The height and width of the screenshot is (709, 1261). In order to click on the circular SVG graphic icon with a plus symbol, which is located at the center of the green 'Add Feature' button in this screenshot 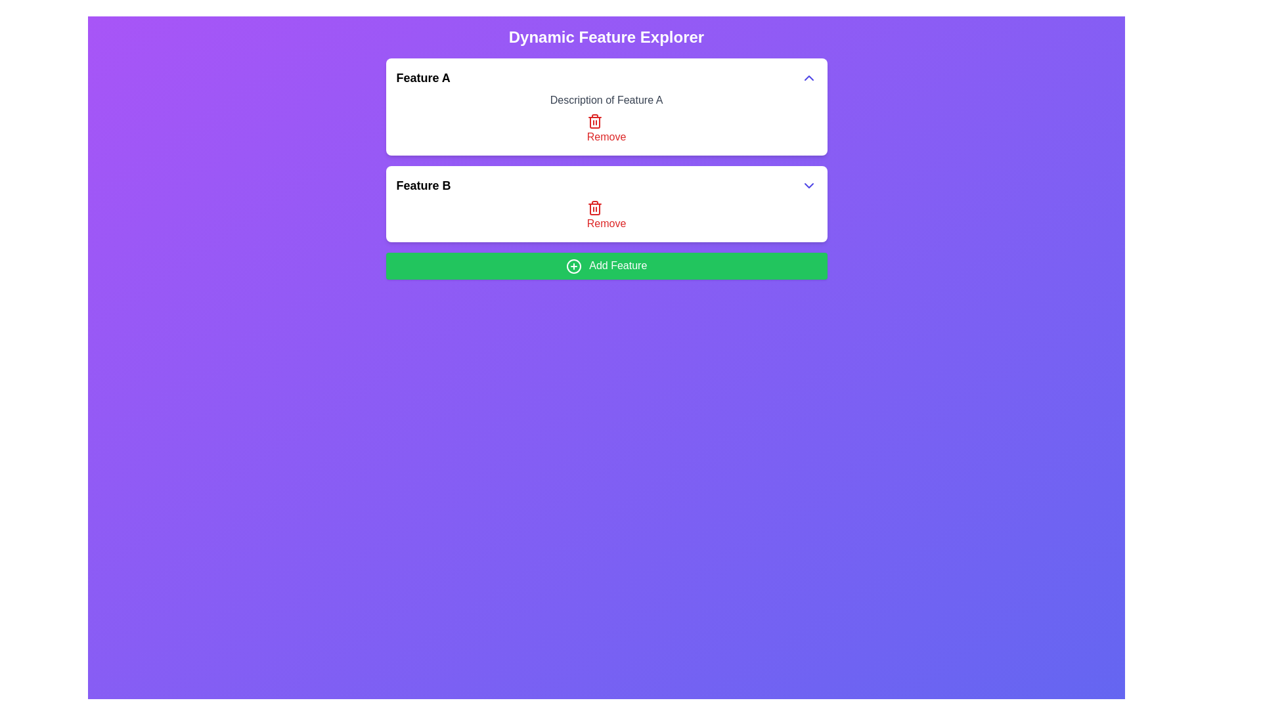, I will do `click(573, 266)`.